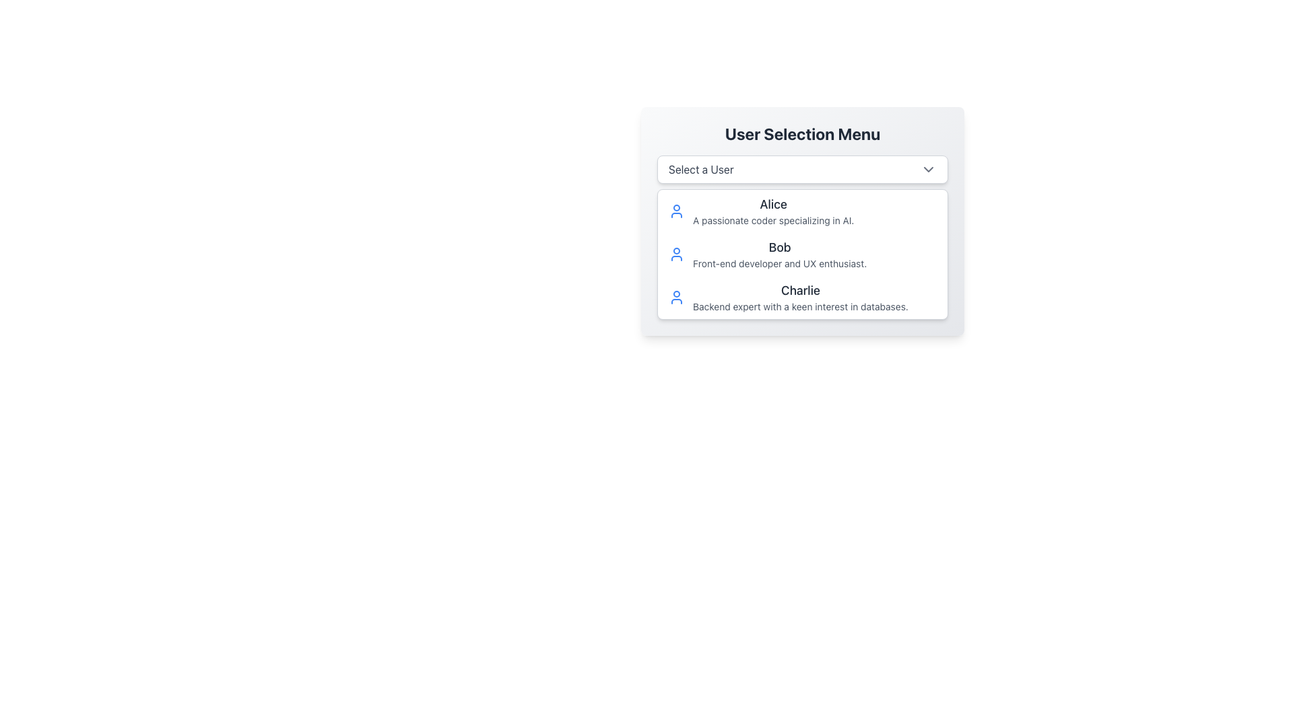  What do you see at coordinates (802, 297) in the screenshot?
I see `the third user selection item labeled 'Charlie' in the User Selection Menu` at bounding box center [802, 297].